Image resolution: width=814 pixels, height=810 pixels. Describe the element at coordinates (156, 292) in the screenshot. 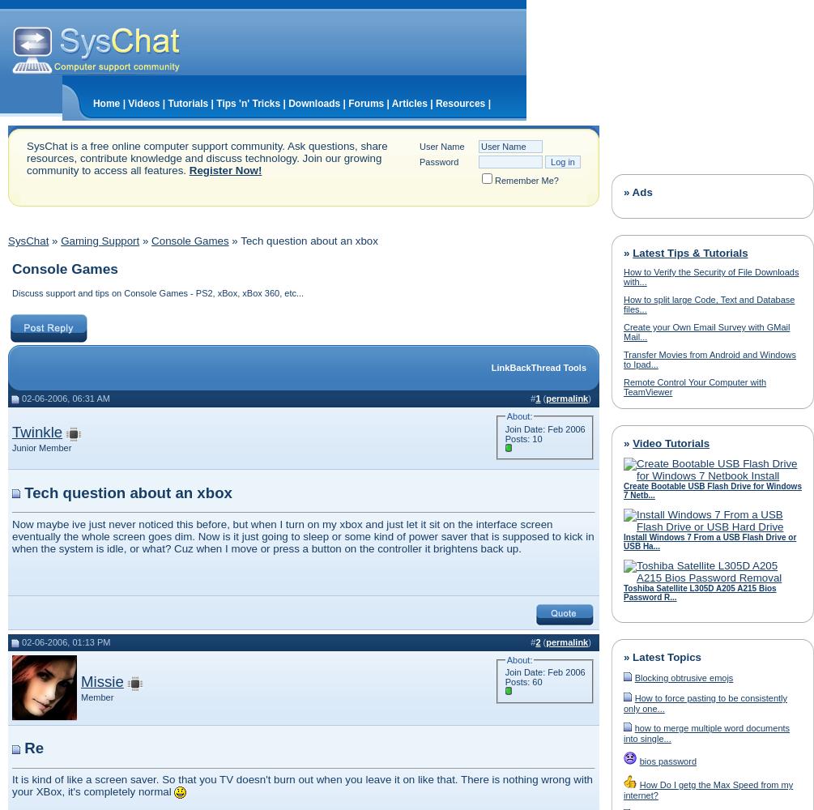

I see `'Discuss support and tips on Console Games - PS2, xBox, xBox 360, etc...'` at that location.